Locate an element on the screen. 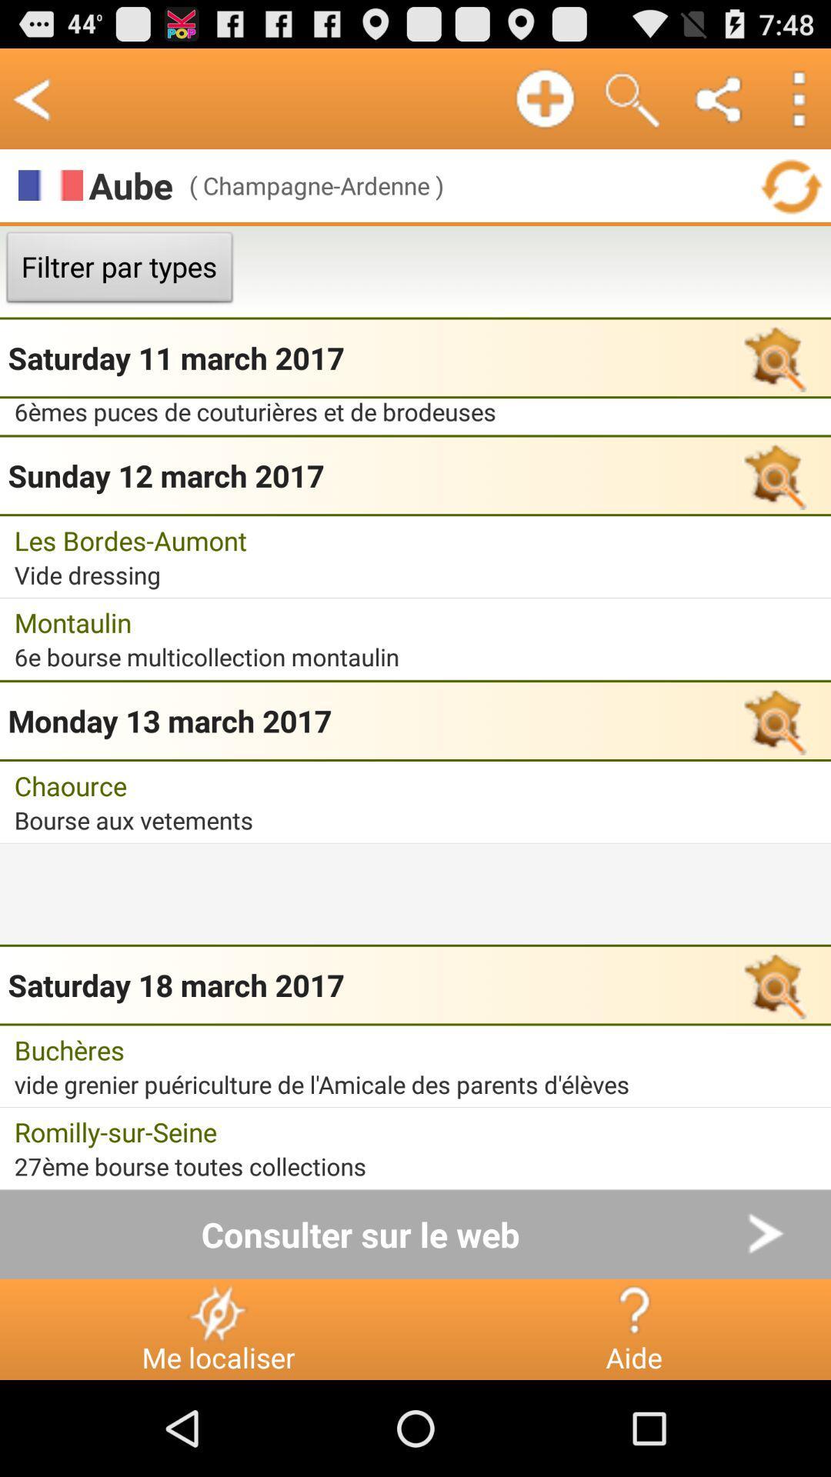  the share icon is located at coordinates (719, 105).